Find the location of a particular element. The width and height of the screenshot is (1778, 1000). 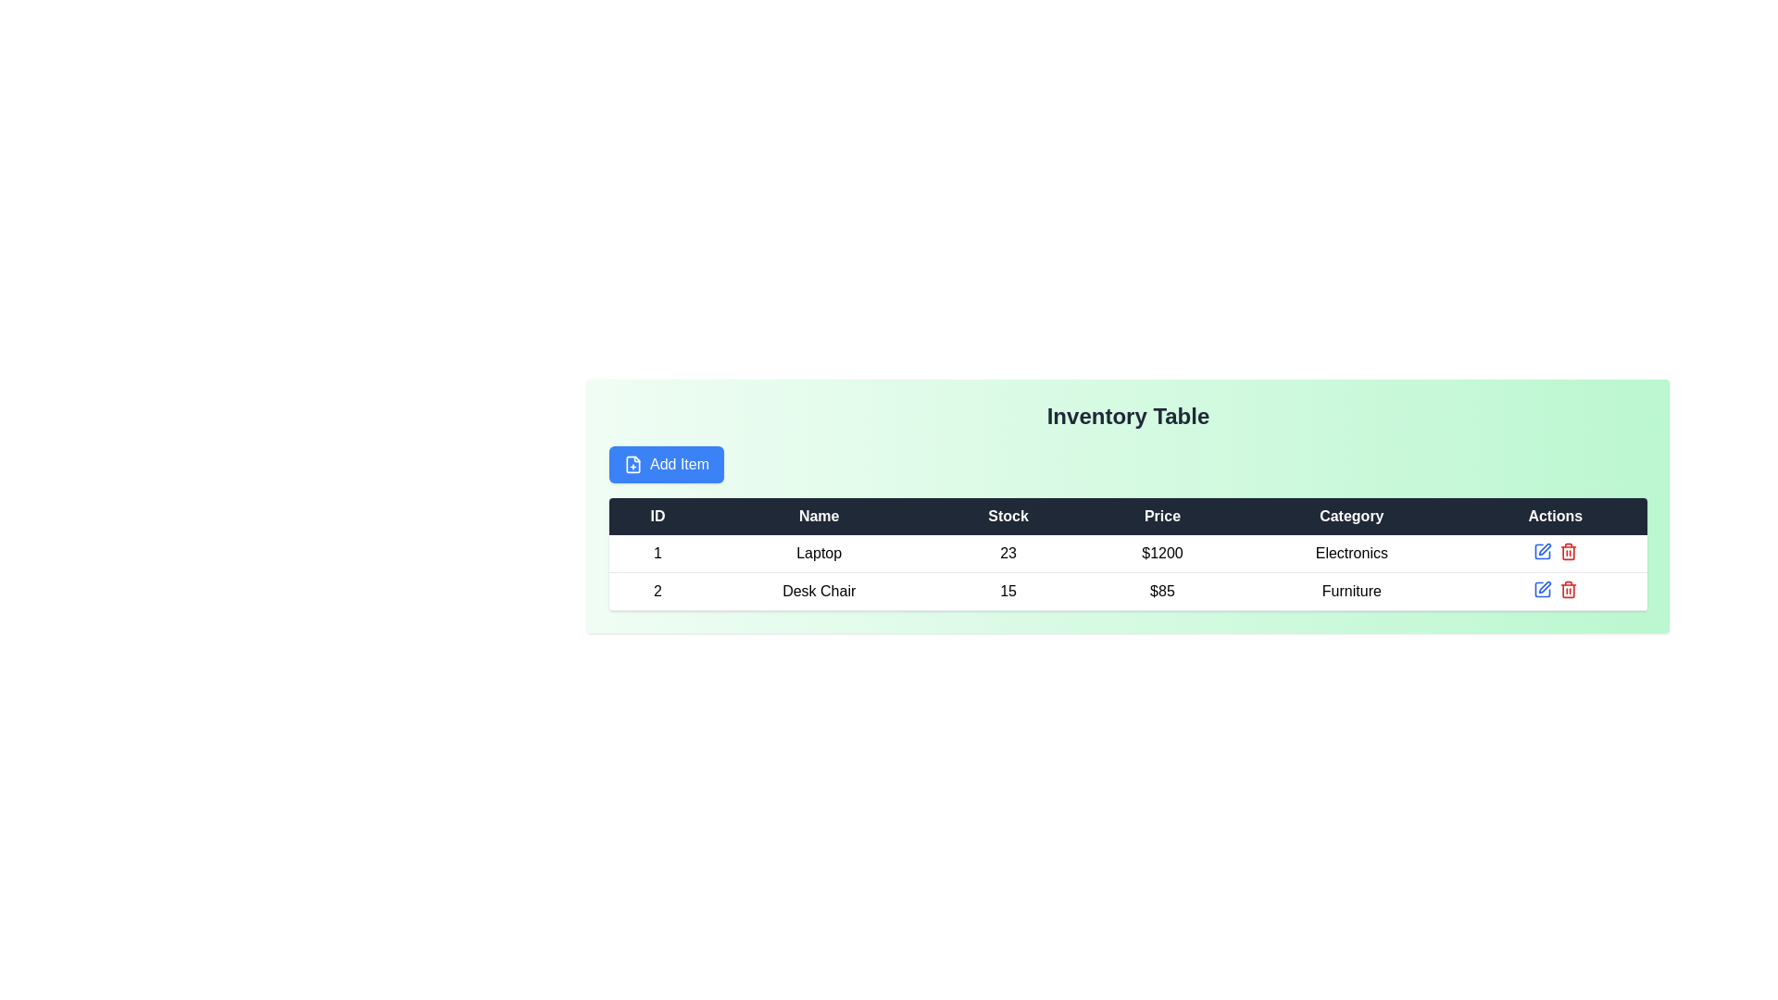

text 'Desk Chair' from the Label located in the second row of the table under the 'Name' column is located at coordinates (818, 592).